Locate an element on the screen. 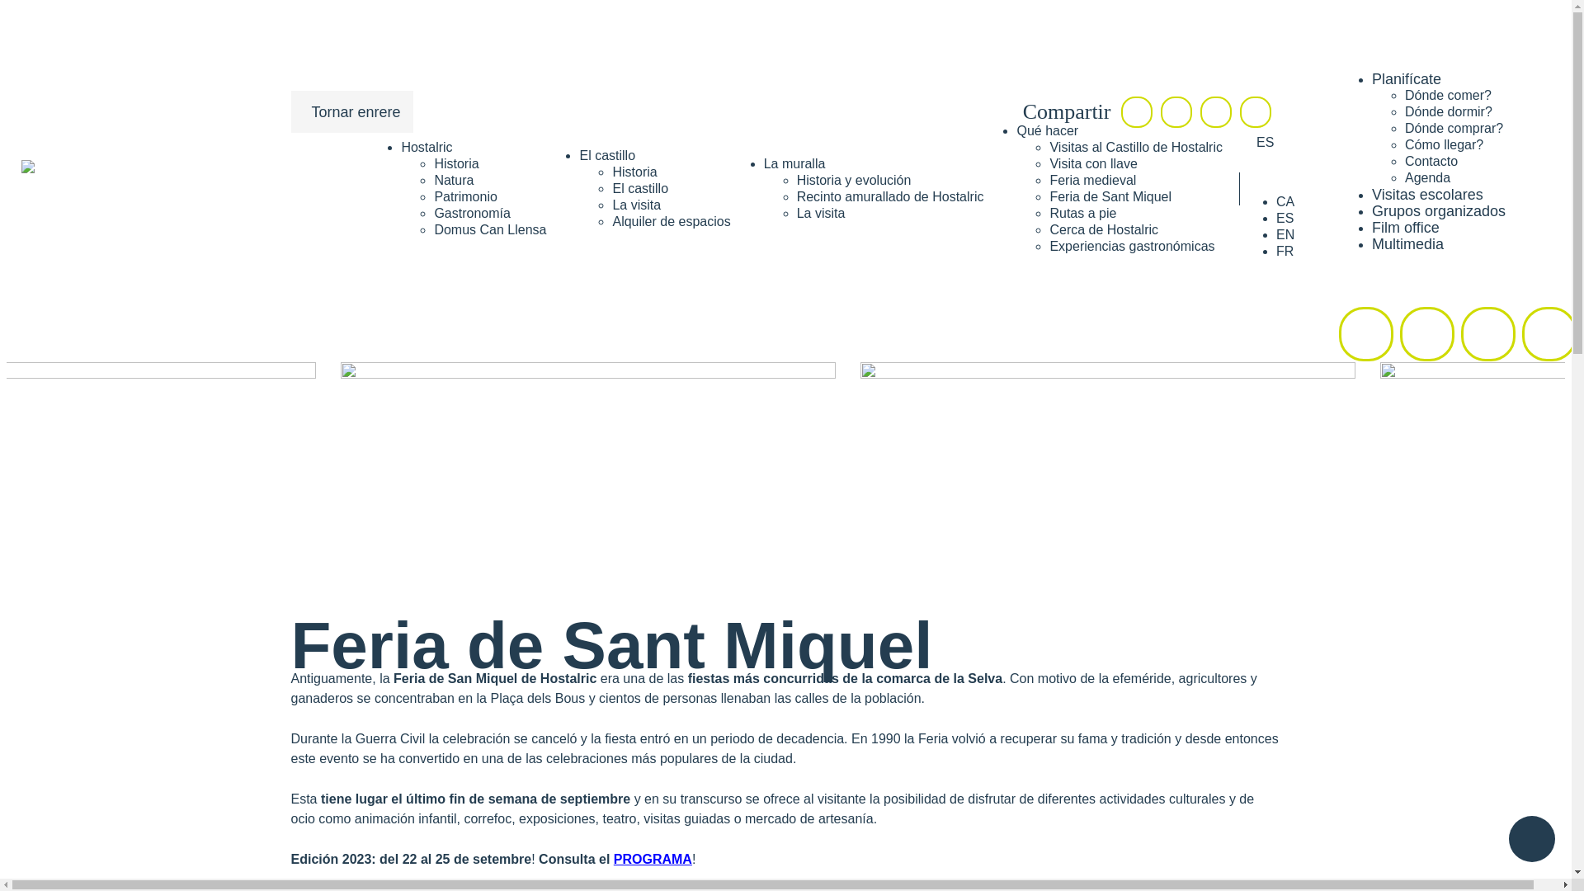 The height and width of the screenshot is (891, 1584). 'Film office' is located at coordinates (1405, 228).